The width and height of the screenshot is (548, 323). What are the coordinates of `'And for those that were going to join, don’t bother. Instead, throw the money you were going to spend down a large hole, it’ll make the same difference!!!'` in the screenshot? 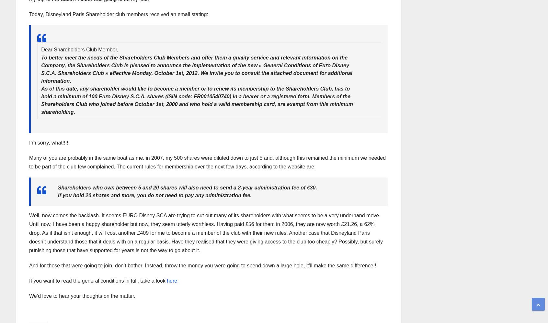 It's located at (29, 265).